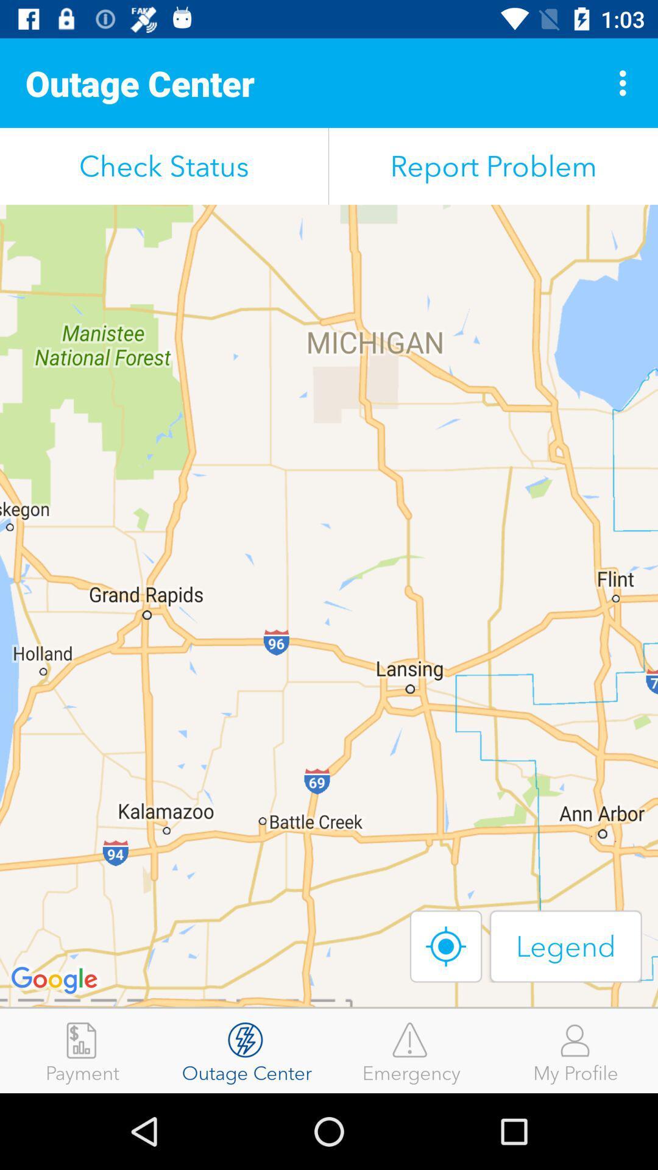  What do you see at coordinates (576, 1050) in the screenshot?
I see `item next to emergency` at bounding box center [576, 1050].